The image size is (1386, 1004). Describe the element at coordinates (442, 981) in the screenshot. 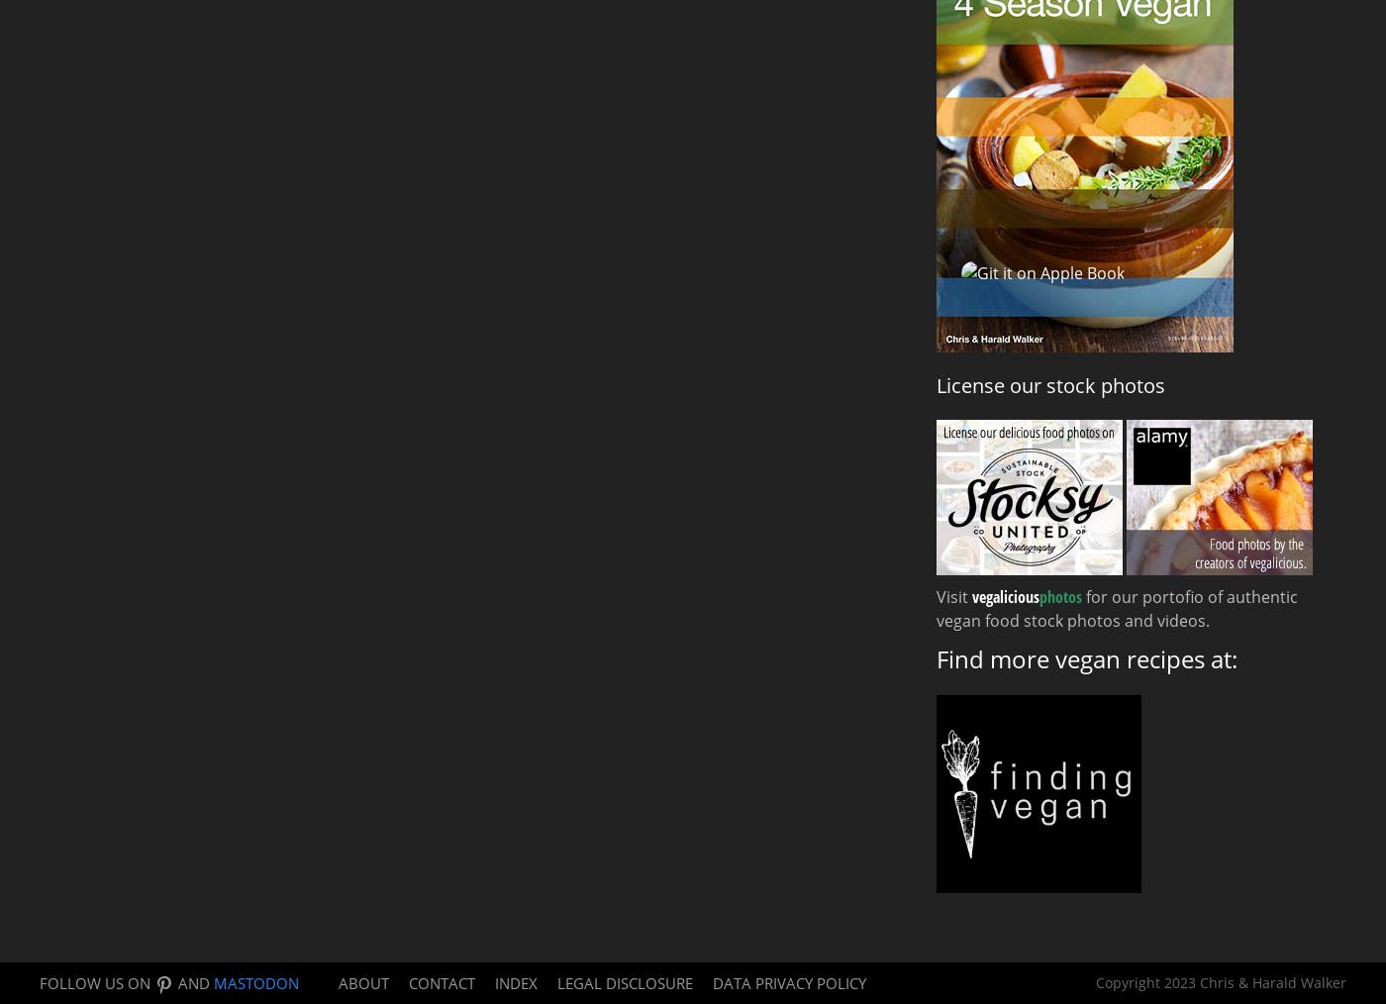

I see `'Contact'` at that location.